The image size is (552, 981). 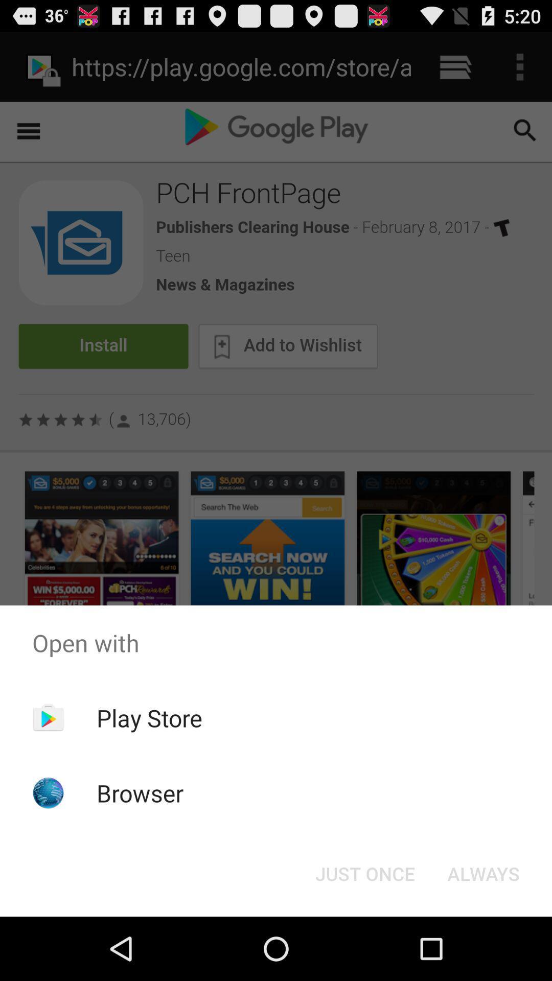 I want to click on the browser, so click(x=140, y=792).